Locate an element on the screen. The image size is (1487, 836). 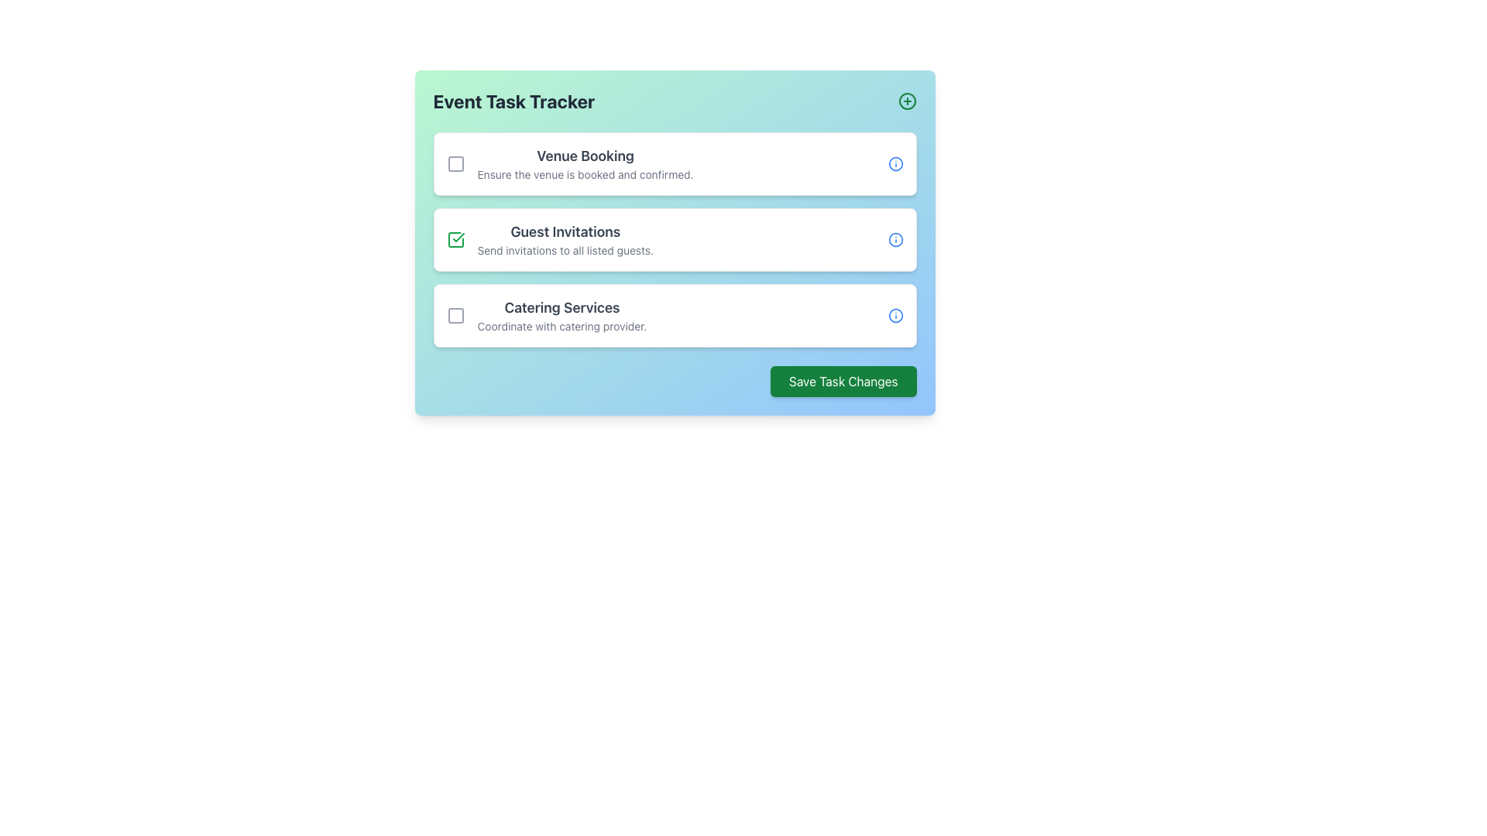
the checkbox area surrounding the decorative marker indicating the completion status of the 'Venue Booking' task in the Event Task Tracker is located at coordinates (455, 164).